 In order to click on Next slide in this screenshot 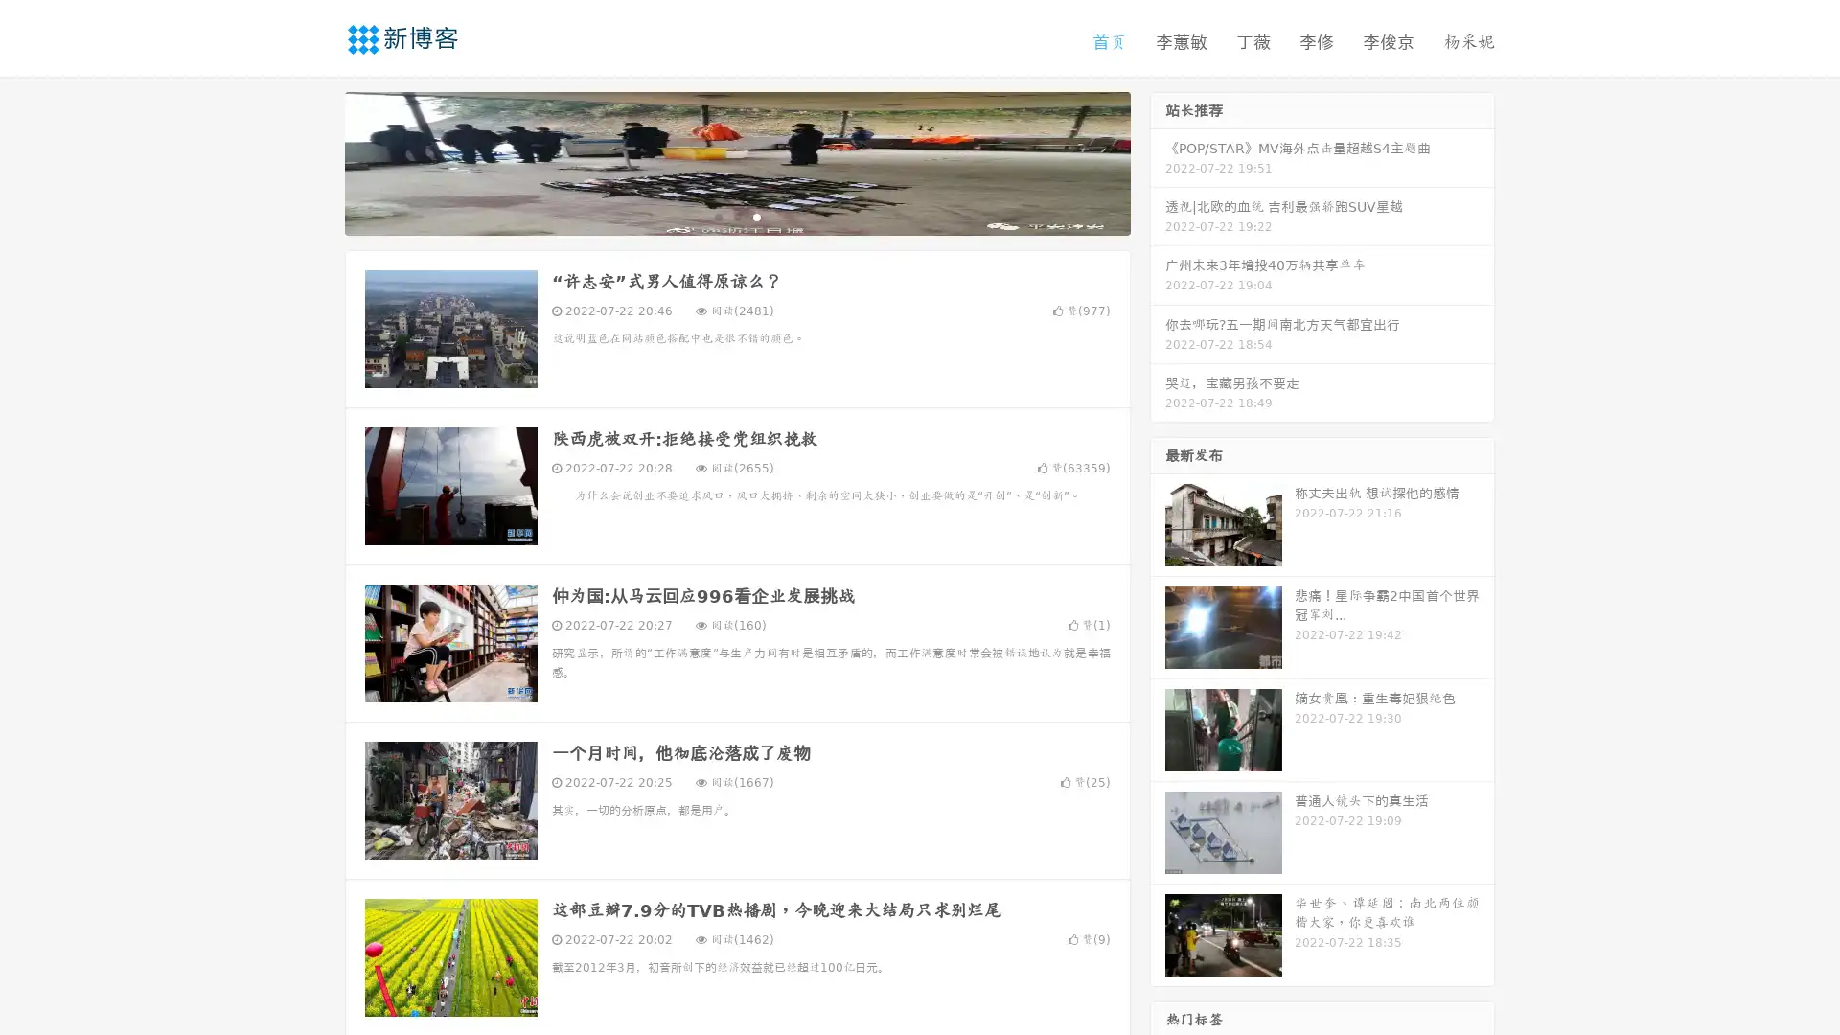, I will do `click(1158, 161)`.